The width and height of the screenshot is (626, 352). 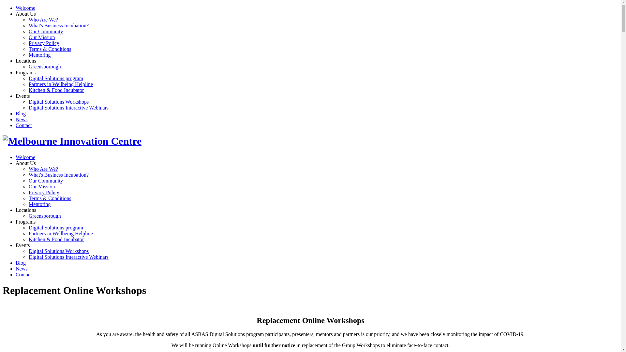 What do you see at coordinates (28, 233) in the screenshot?
I see `'Partners in Wellbeing Helpline'` at bounding box center [28, 233].